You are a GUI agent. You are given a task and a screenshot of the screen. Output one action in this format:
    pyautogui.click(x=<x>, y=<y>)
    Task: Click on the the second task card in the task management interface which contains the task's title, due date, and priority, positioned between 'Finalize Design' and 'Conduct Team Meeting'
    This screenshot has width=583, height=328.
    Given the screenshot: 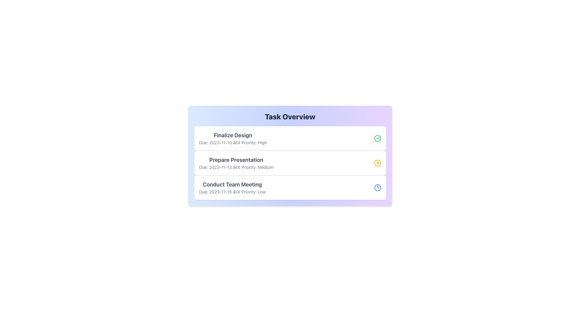 What is the action you would take?
    pyautogui.click(x=290, y=162)
    